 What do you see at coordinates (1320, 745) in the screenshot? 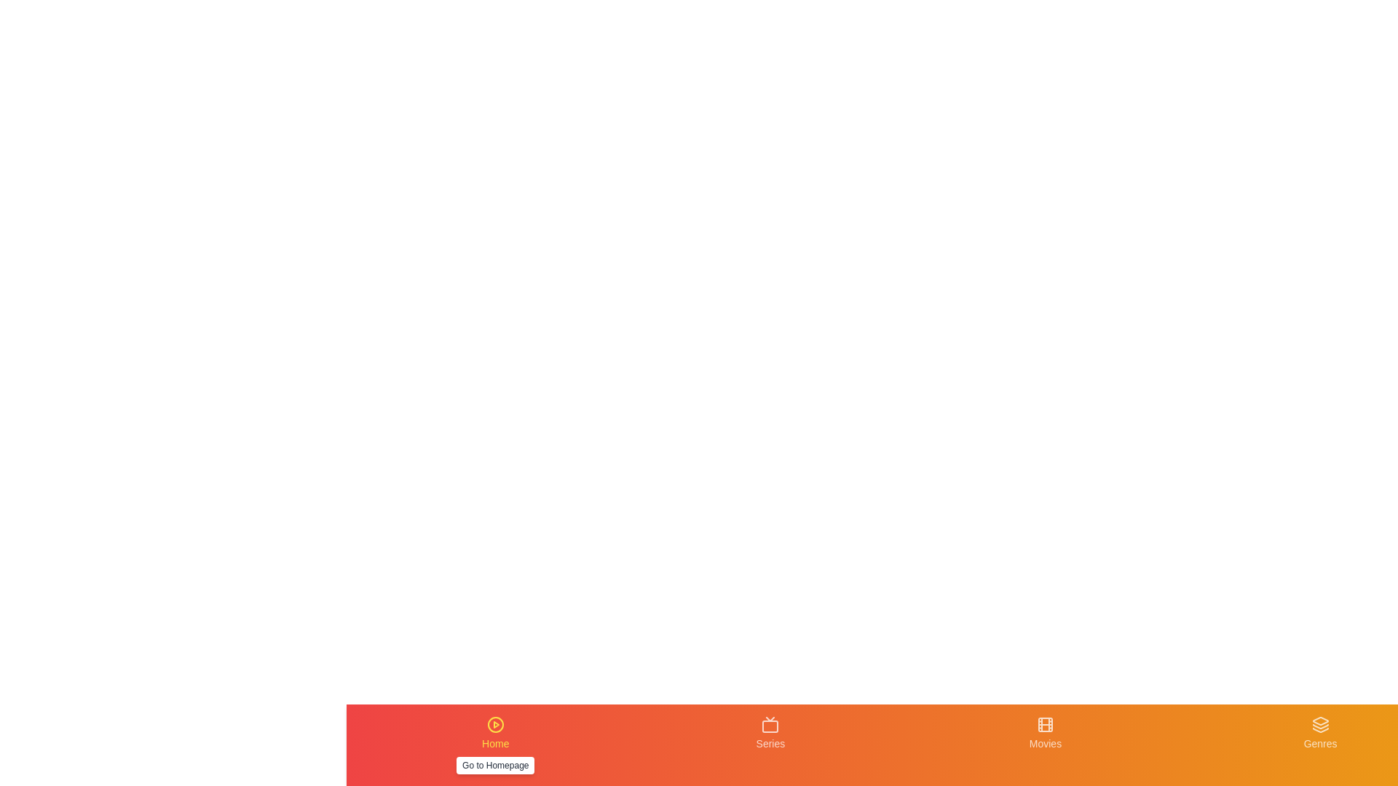
I see `the navigation tab labeled Genres` at bounding box center [1320, 745].